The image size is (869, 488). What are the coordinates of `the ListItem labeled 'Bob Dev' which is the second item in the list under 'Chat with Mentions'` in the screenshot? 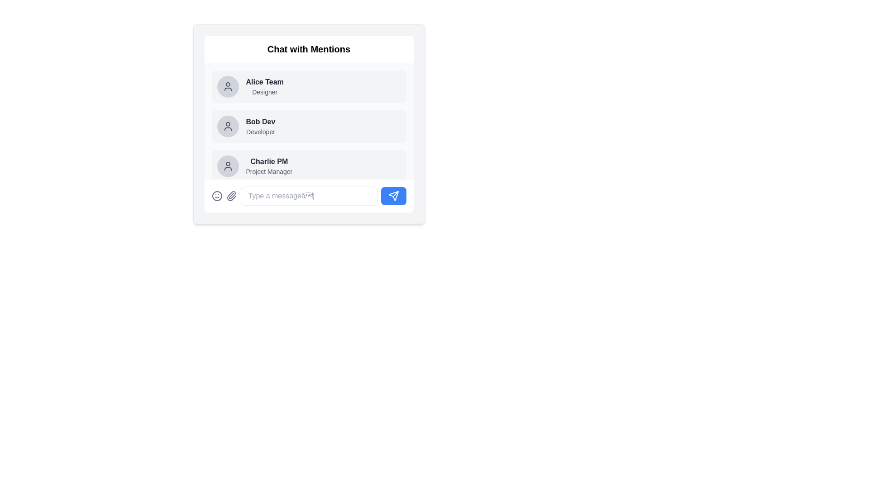 It's located at (309, 124).